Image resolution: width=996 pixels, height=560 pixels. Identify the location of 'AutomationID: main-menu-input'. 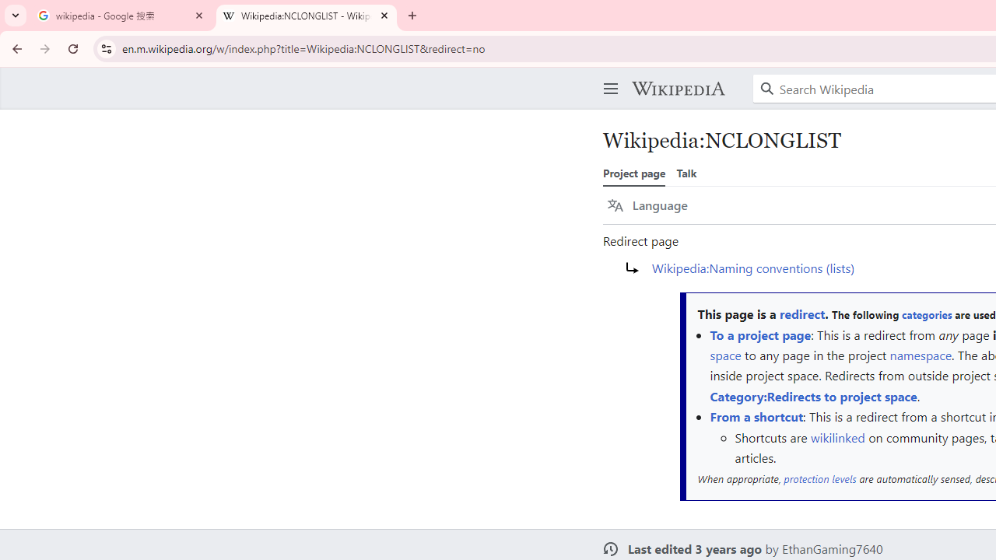
(607, 76).